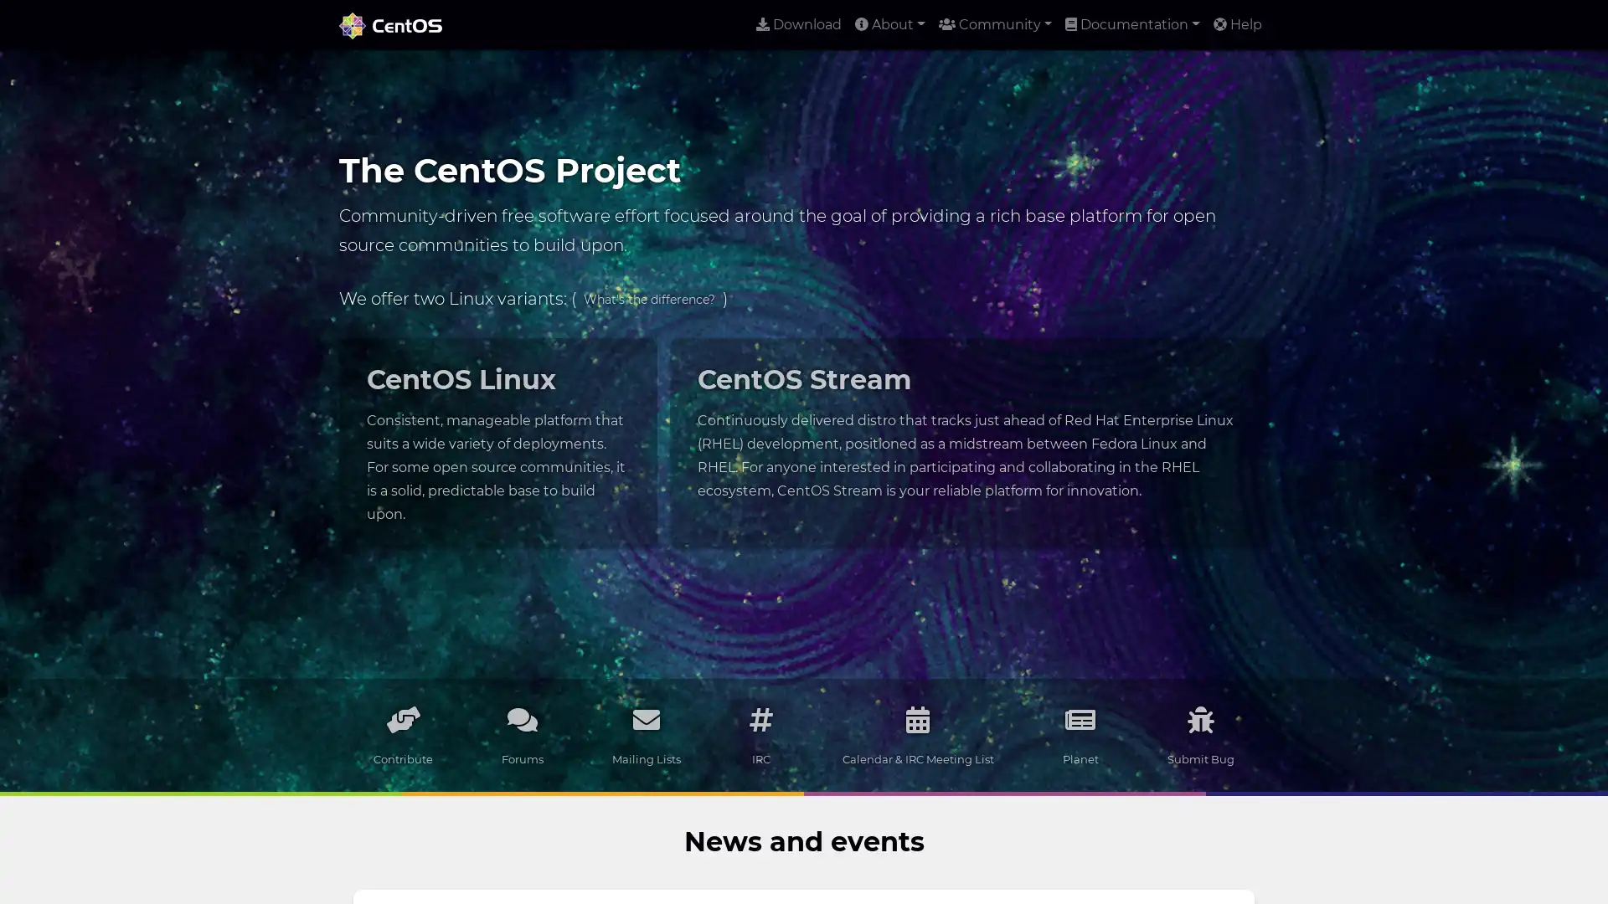 Image resolution: width=1608 pixels, height=904 pixels. Describe the element at coordinates (916, 734) in the screenshot. I see `Calendar & IRC Meeting List` at that location.